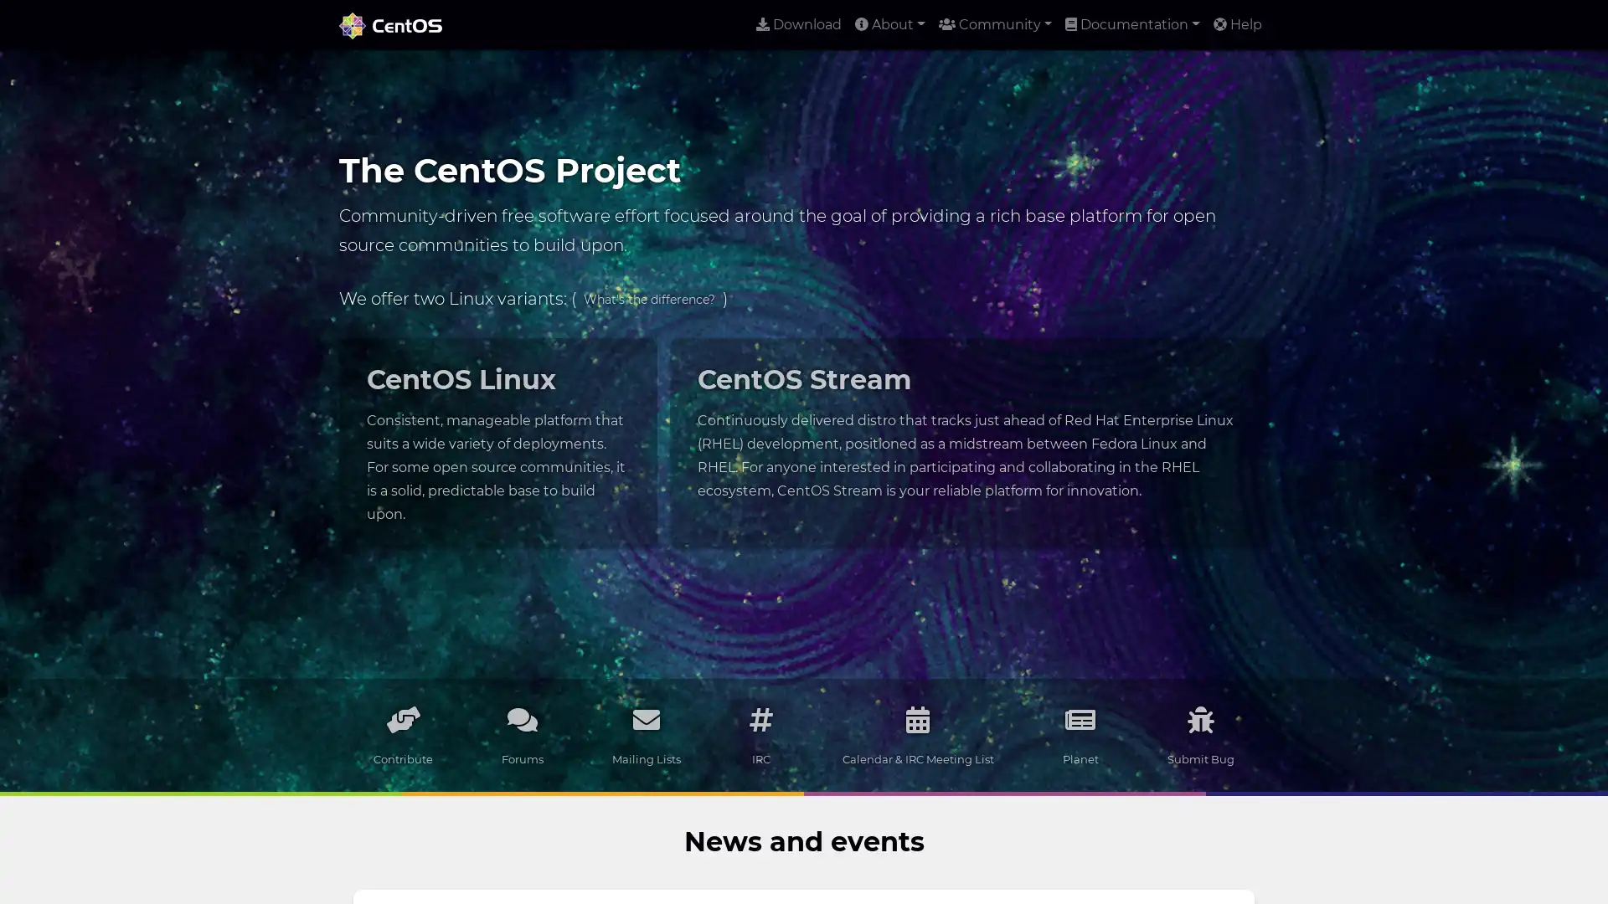 Image resolution: width=1608 pixels, height=904 pixels. Describe the element at coordinates (916, 734) in the screenshot. I see `Calendar & IRC Meeting List` at that location.